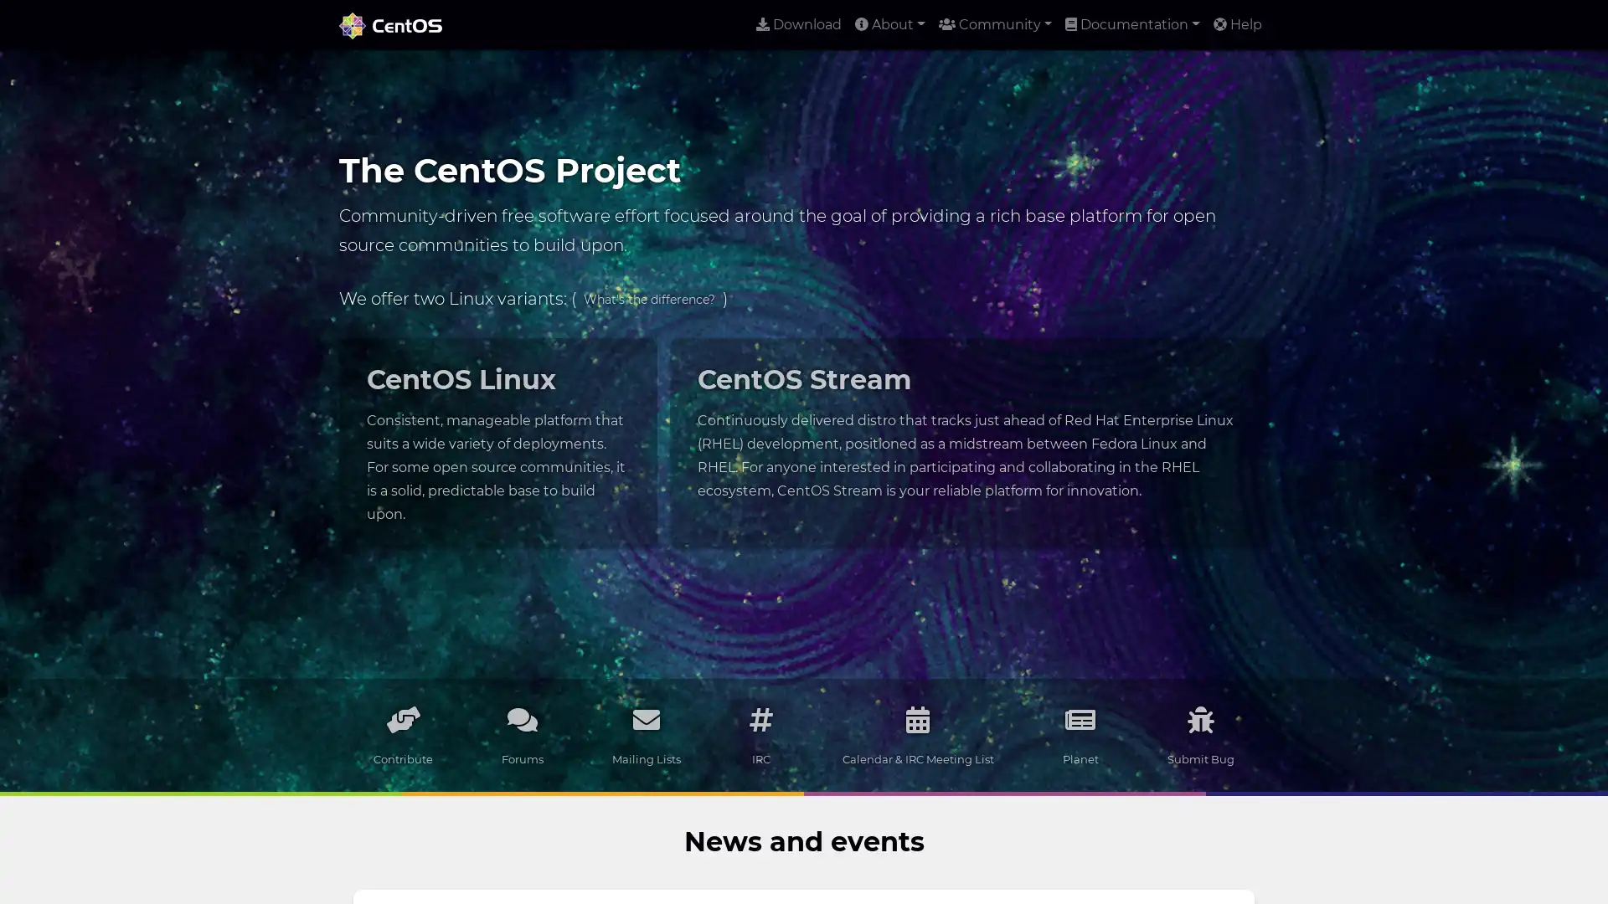 Image resolution: width=1608 pixels, height=904 pixels. Describe the element at coordinates (916, 734) in the screenshot. I see `Calendar & IRC Meeting List` at that location.